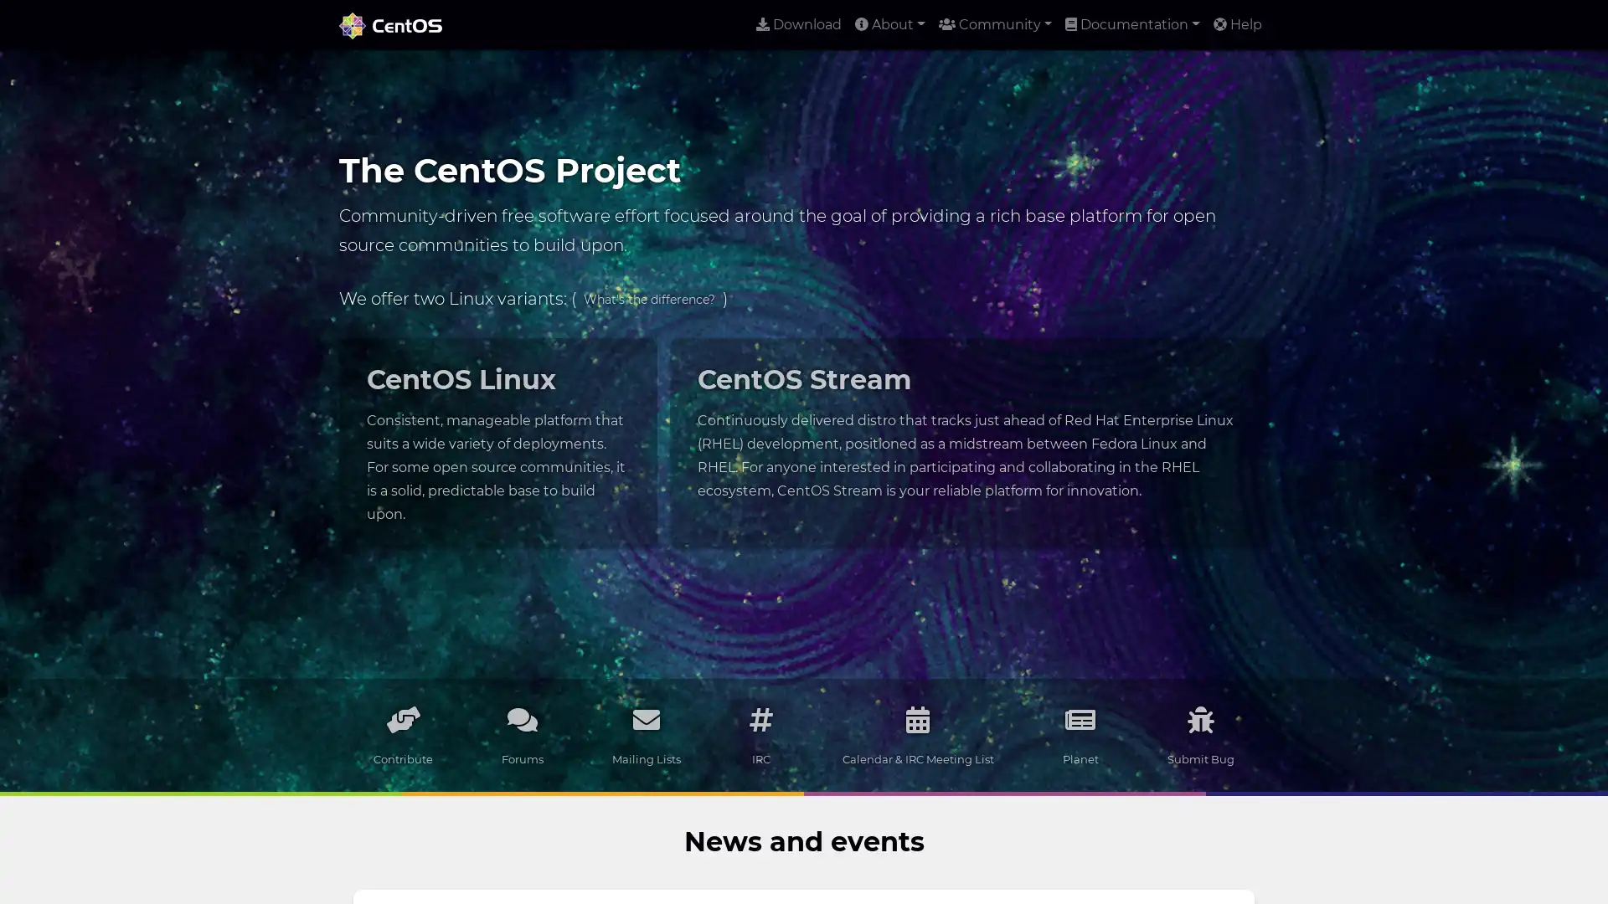 Image resolution: width=1608 pixels, height=904 pixels. Describe the element at coordinates (916, 734) in the screenshot. I see `Calendar & IRC Meeting List` at that location.